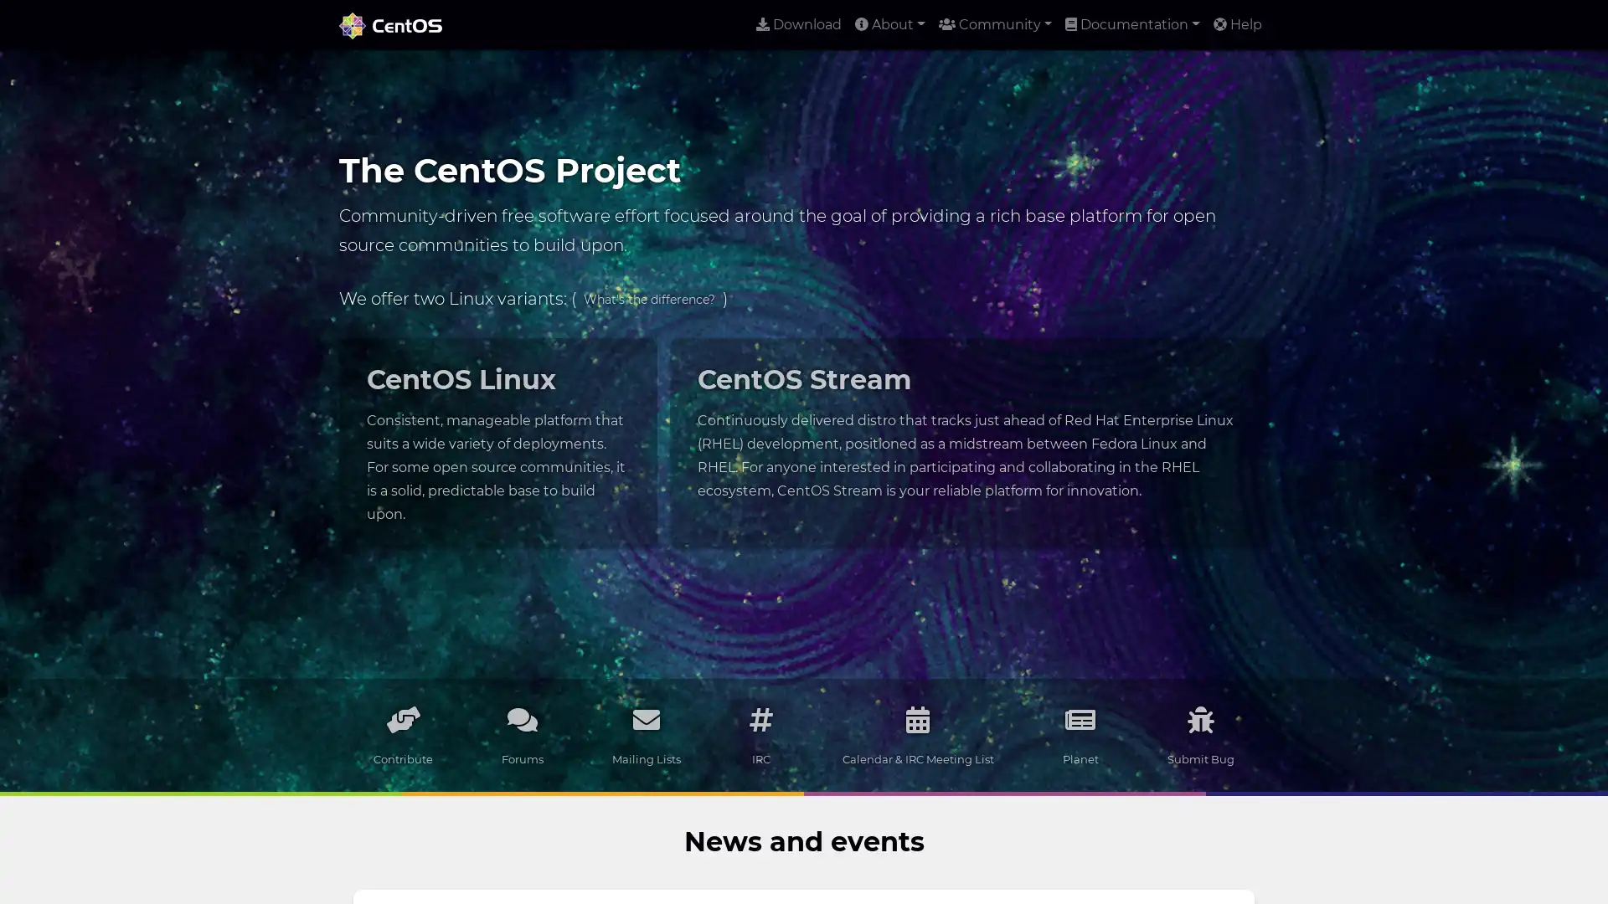 Image resolution: width=1608 pixels, height=904 pixels. Describe the element at coordinates (916, 734) in the screenshot. I see `Calendar & IRC Meeting List` at that location.